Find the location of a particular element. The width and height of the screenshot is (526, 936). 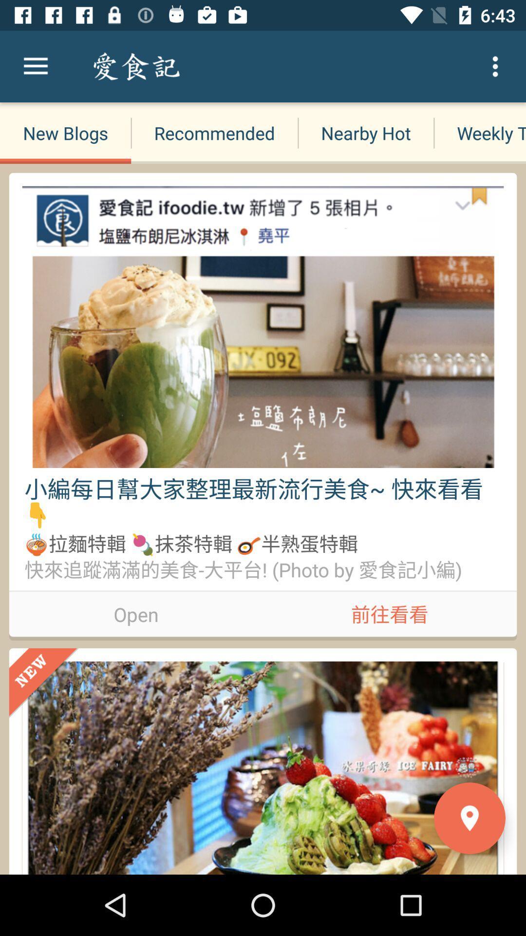

nearby hot icon is located at coordinates (366, 133).